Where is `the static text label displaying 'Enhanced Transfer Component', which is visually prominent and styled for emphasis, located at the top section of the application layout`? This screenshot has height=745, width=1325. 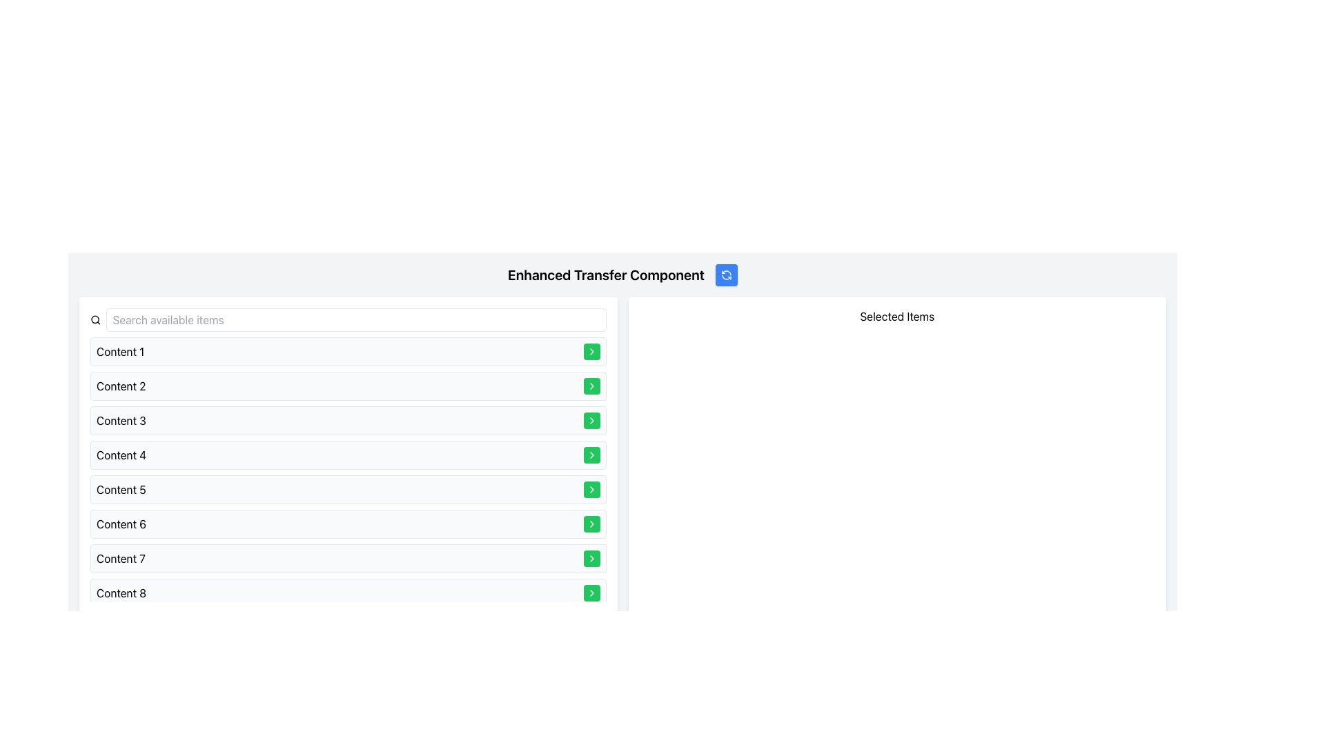
the static text label displaying 'Enhanced Transfer Component', which is visually prominent and styled for emphasis, located at the top section of the application layout is located at coordinates (606, 275).